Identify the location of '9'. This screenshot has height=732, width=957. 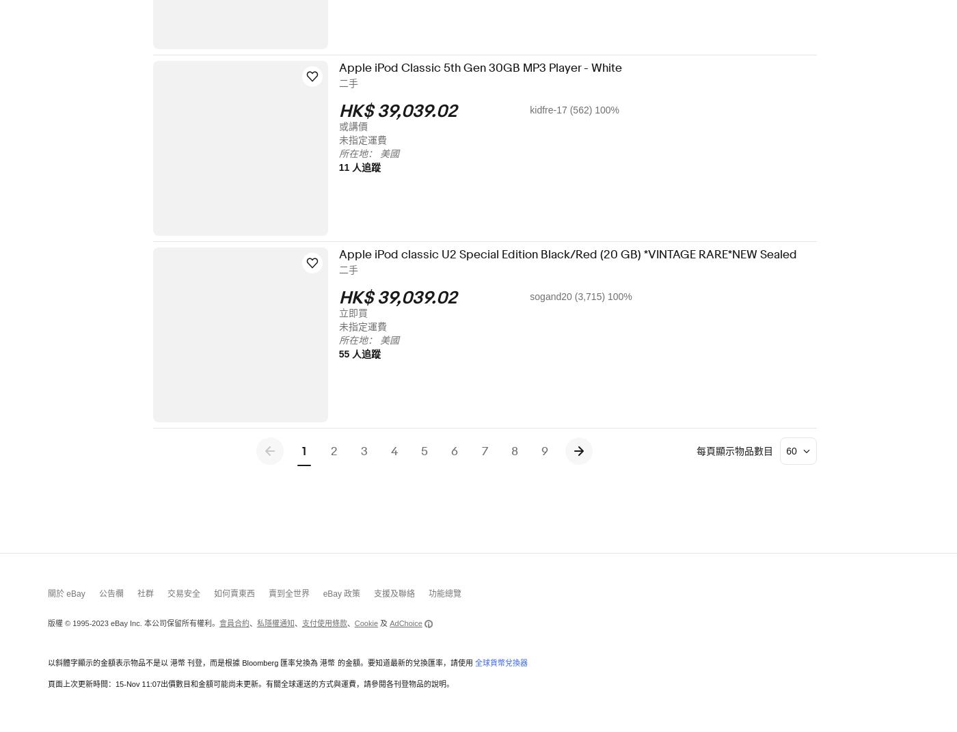
(554, 450).